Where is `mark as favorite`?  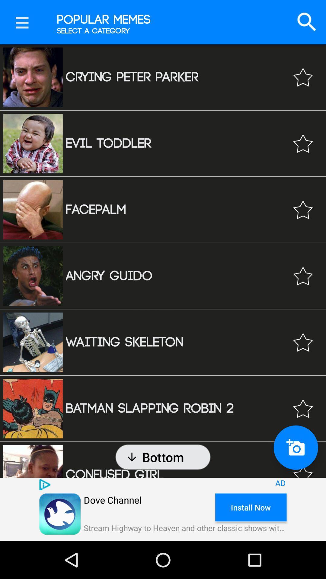
mark as favorite is located at coordinates (303, 342).